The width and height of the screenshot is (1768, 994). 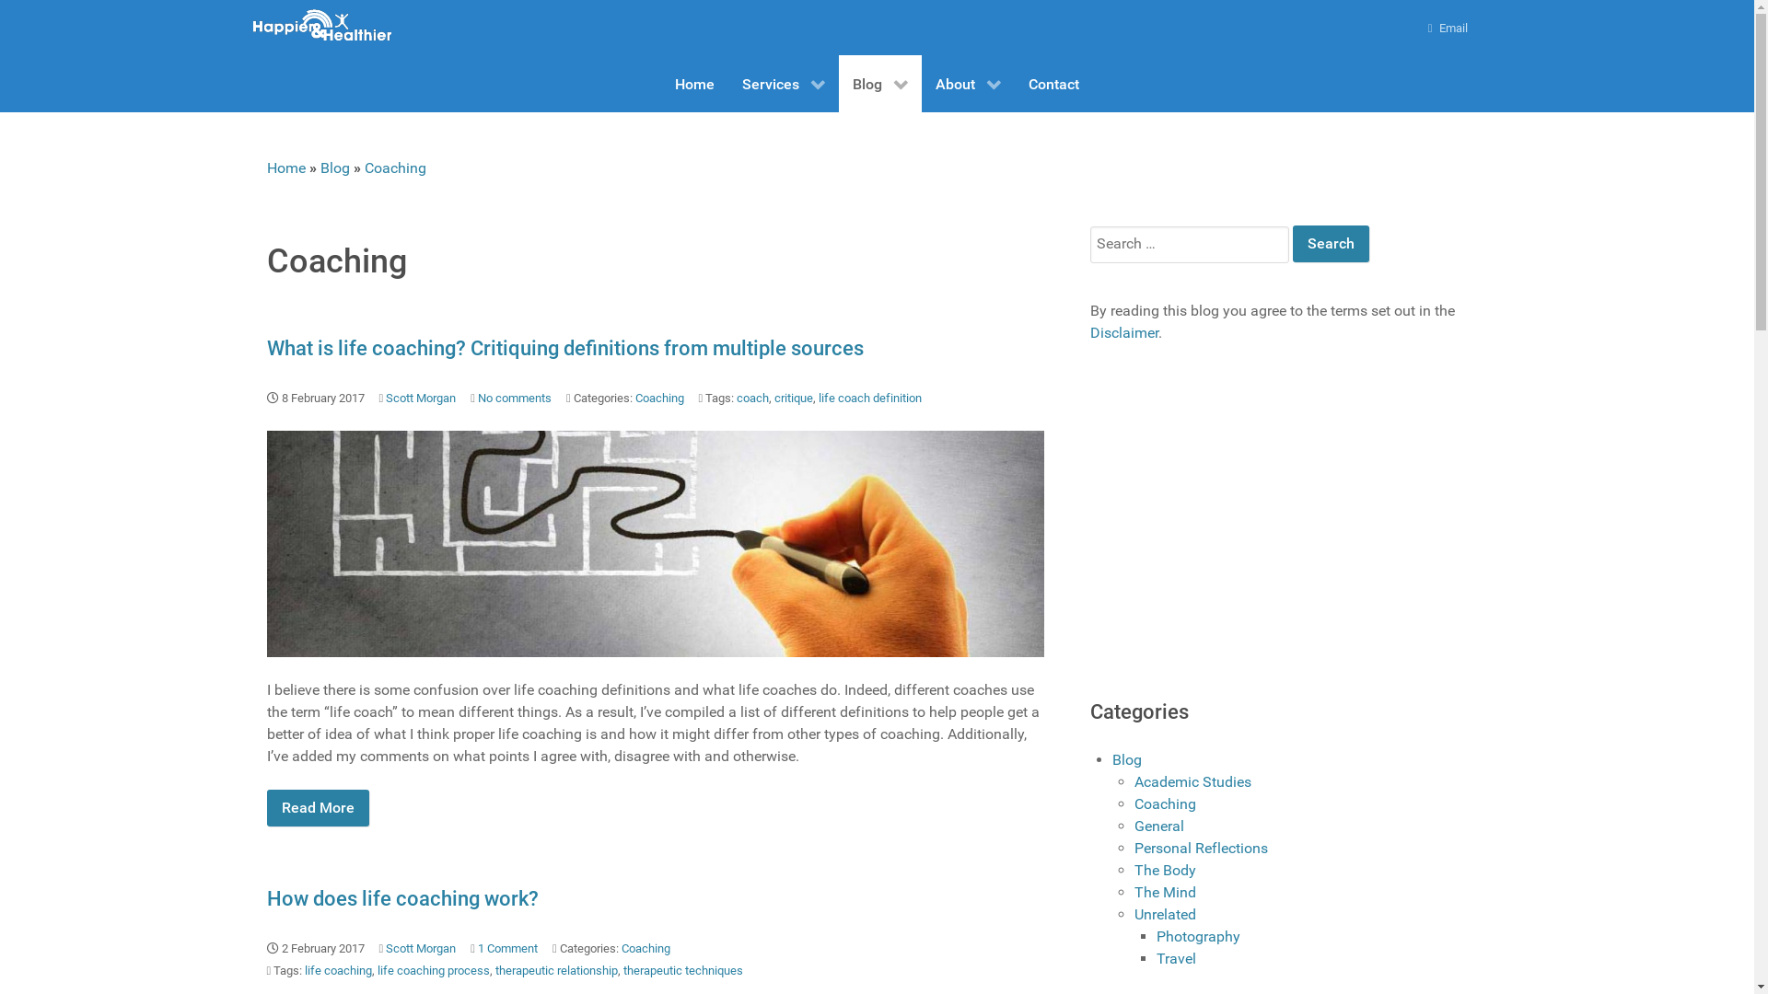 What do you see at coordinates (794, 397) in the screenshot?
I see `'critique'` at bounding box center [794, 397].